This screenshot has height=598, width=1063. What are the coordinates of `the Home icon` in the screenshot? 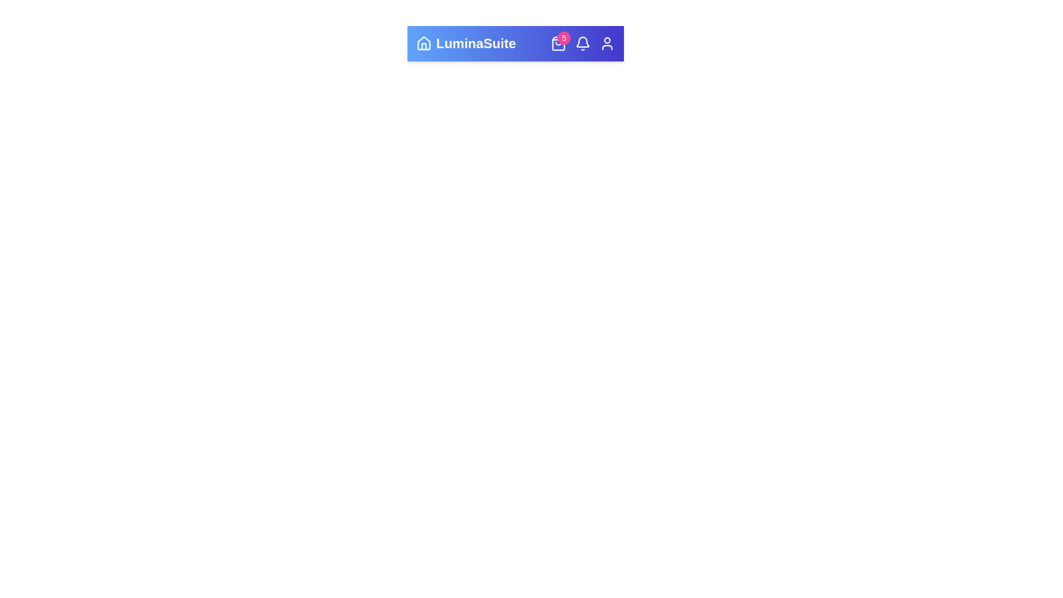 It's located at (424, 43).